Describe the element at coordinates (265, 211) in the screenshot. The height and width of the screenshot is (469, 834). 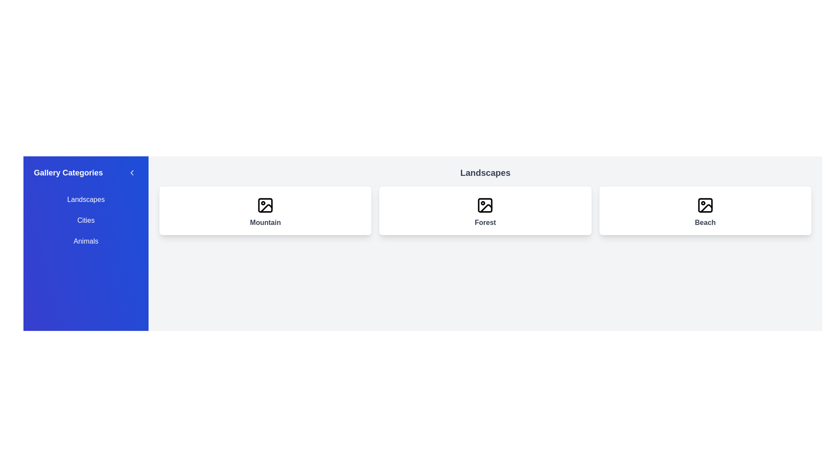
I see `the 'Mountain' category card-style button, which is the first card in a row of three within the gallery grid layout` at that location.